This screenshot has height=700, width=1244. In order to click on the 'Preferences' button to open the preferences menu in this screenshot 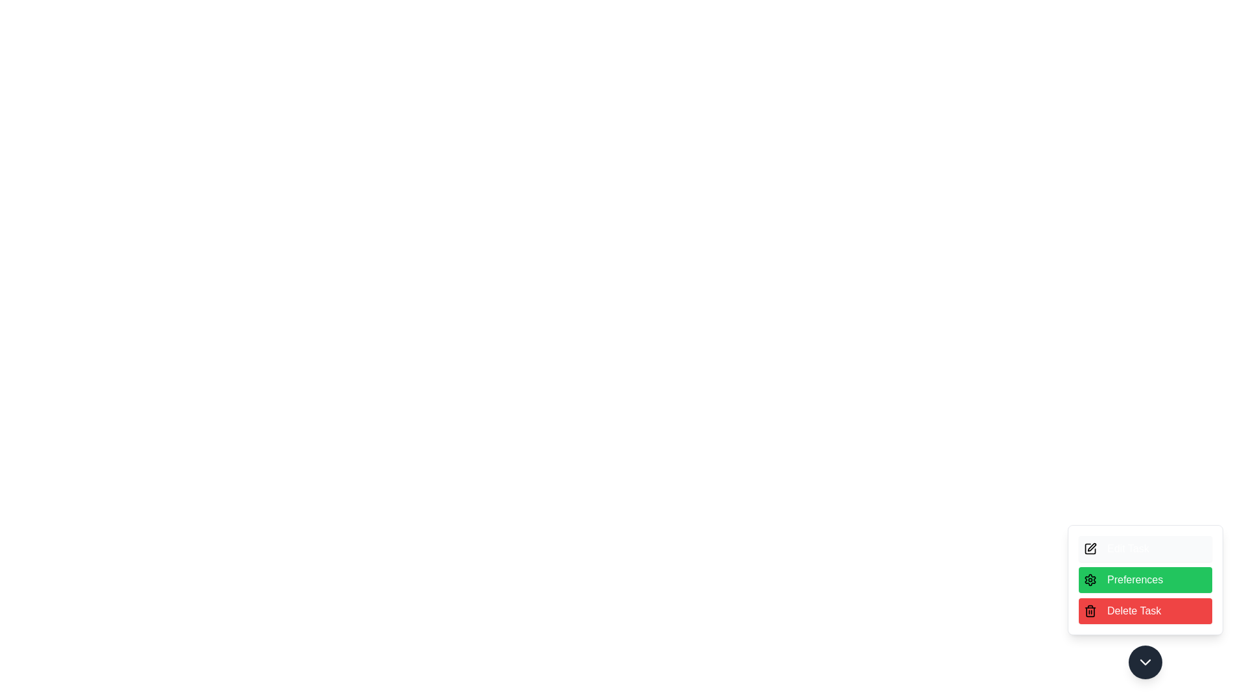, I will do `click(1145, 579)`.